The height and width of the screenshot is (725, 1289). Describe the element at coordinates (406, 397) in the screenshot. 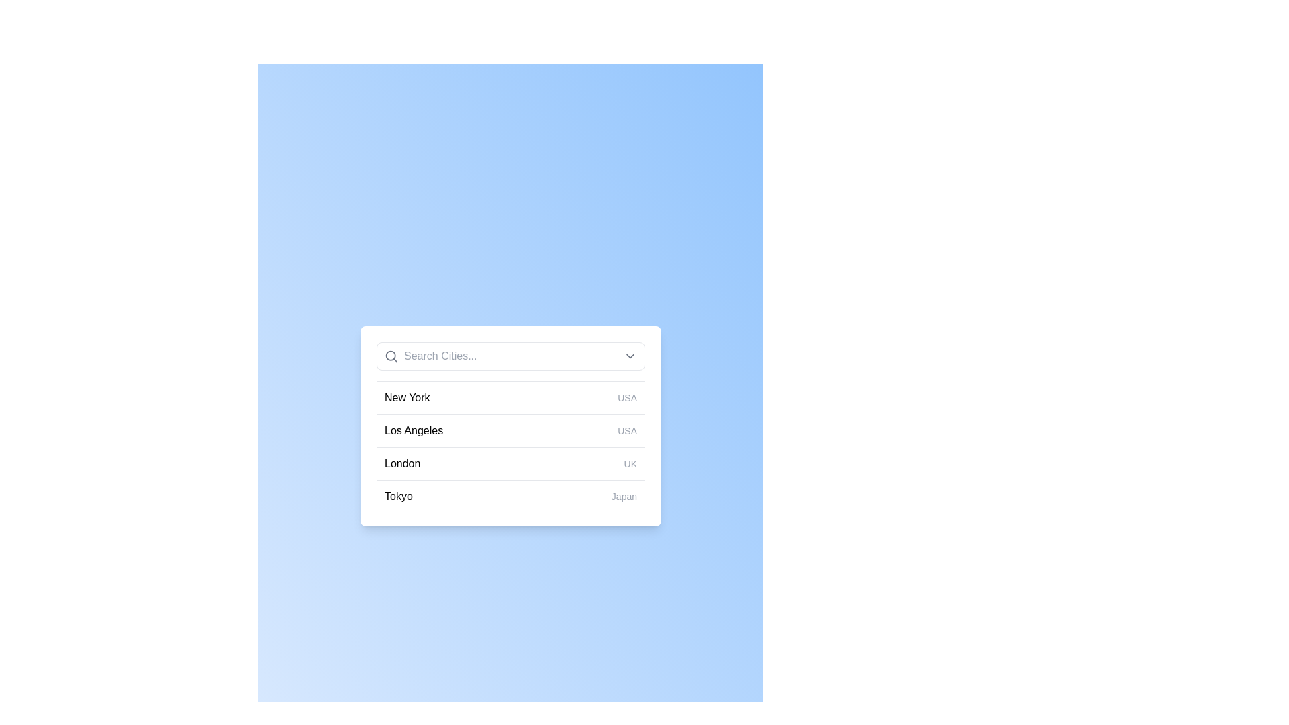

I see `the text label displaying 'New York', which is styled in bold and positioned to the left in a dropdown list, adjacent to the label 'USA'` at that location.